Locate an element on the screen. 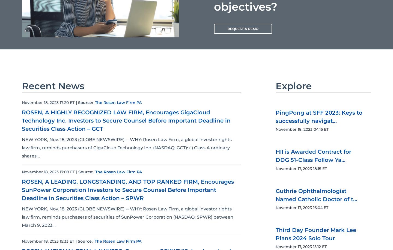 The width and height of the screenshot is (393, 250). 'November 17, 2023 18:15 ET' is located at coordinates (301, 168).